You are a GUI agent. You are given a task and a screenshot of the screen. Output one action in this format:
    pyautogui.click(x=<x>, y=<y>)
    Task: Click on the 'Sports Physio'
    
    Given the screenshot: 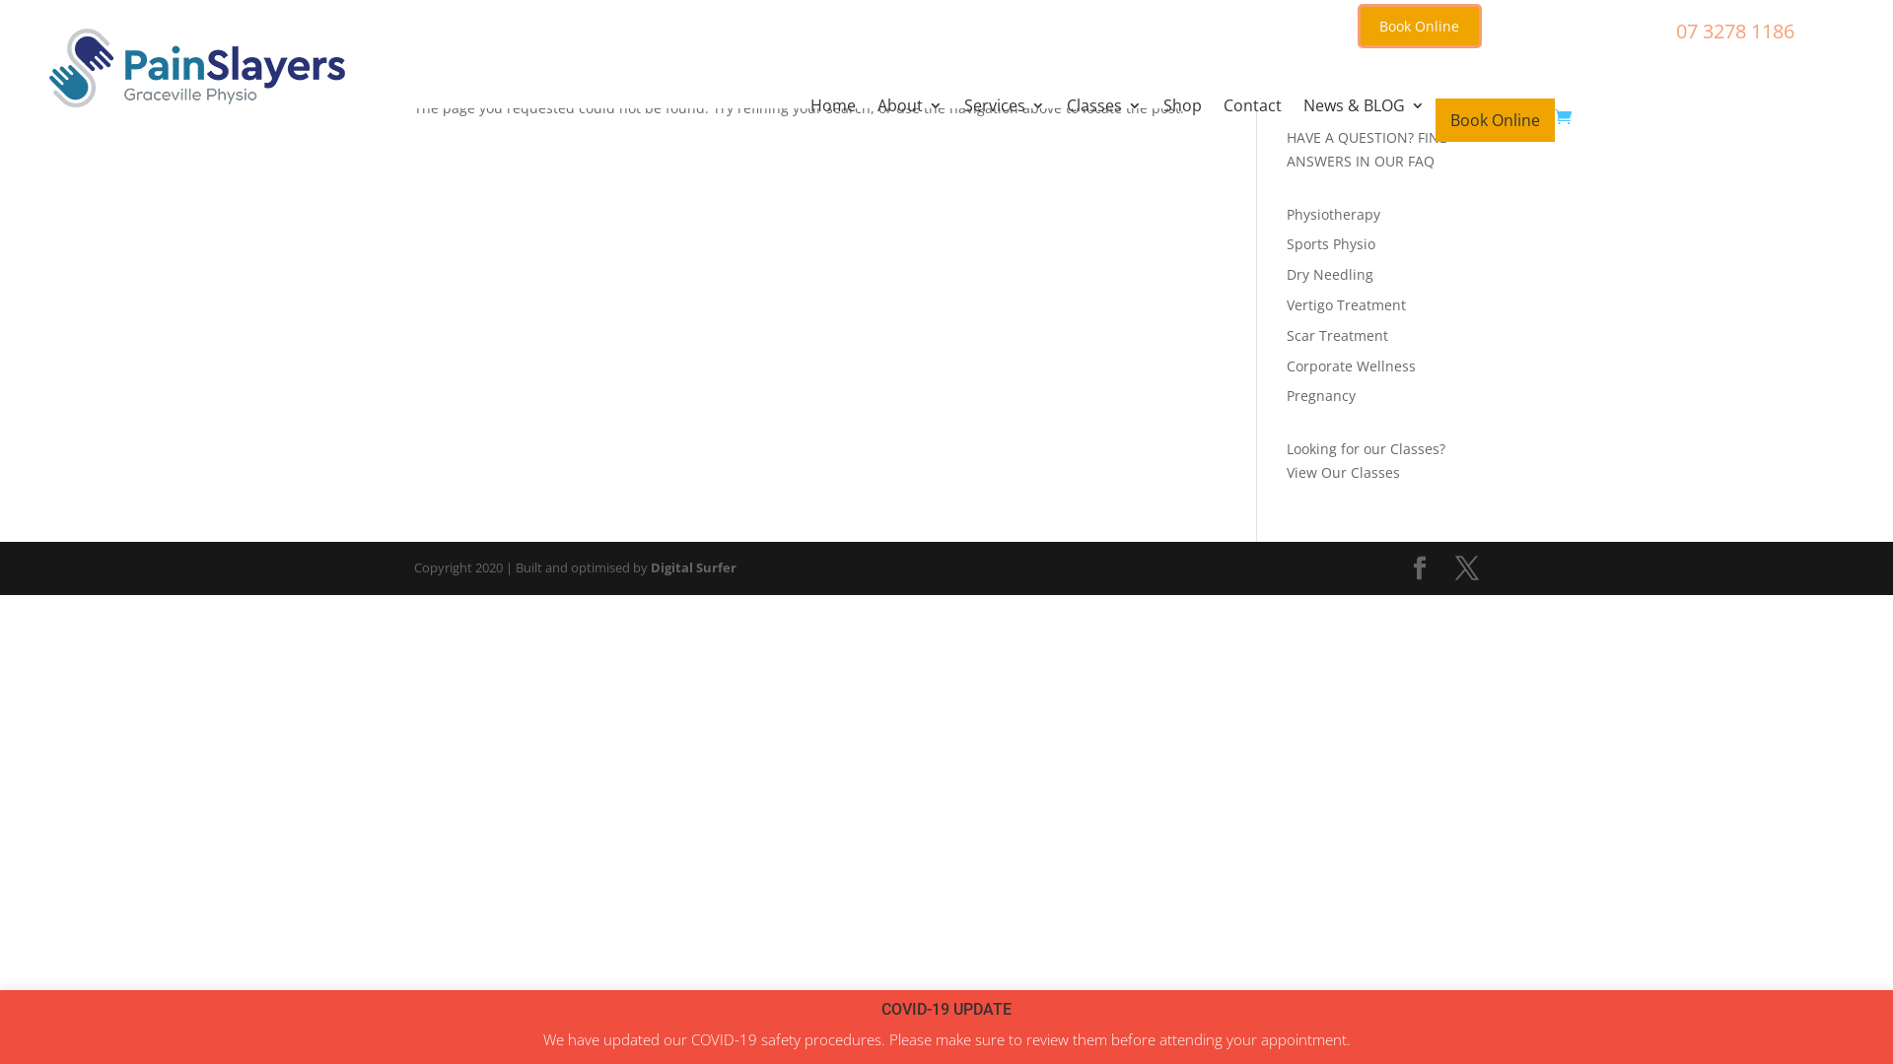 What is the action you would take?
    pyautogui.click(x=1287, y=242)
    